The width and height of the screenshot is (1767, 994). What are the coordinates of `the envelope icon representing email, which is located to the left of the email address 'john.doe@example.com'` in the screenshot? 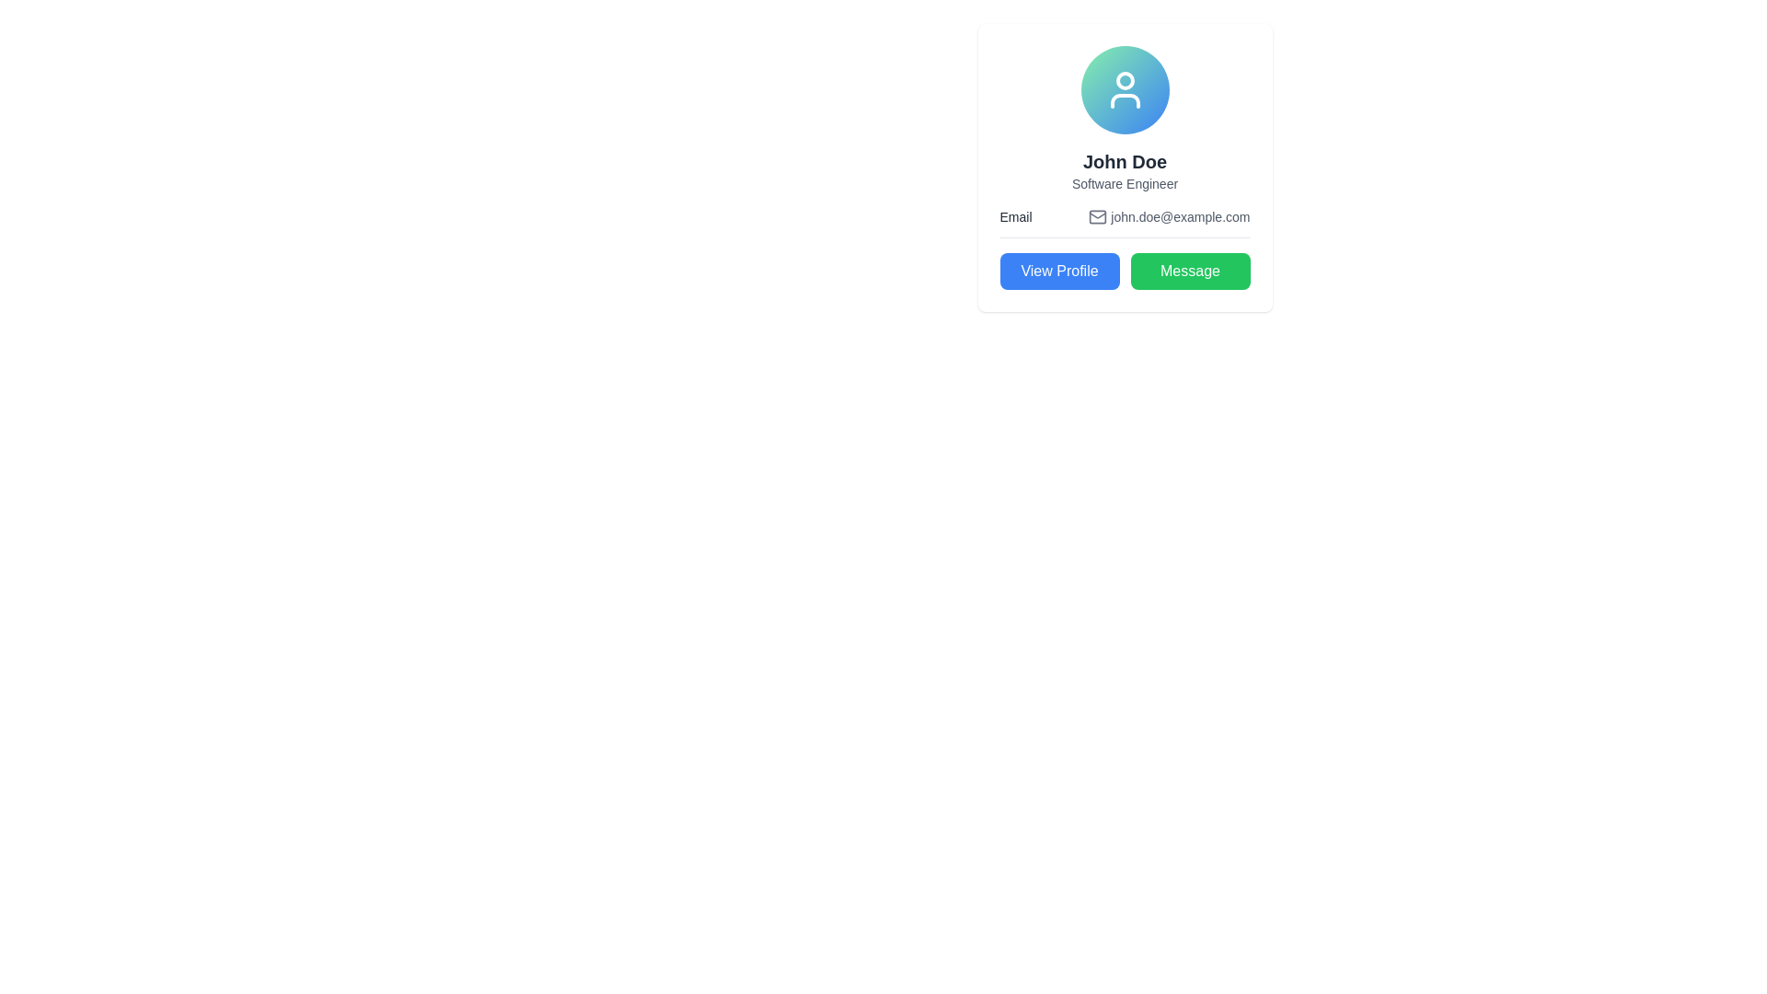 It's located at (1098, 215).